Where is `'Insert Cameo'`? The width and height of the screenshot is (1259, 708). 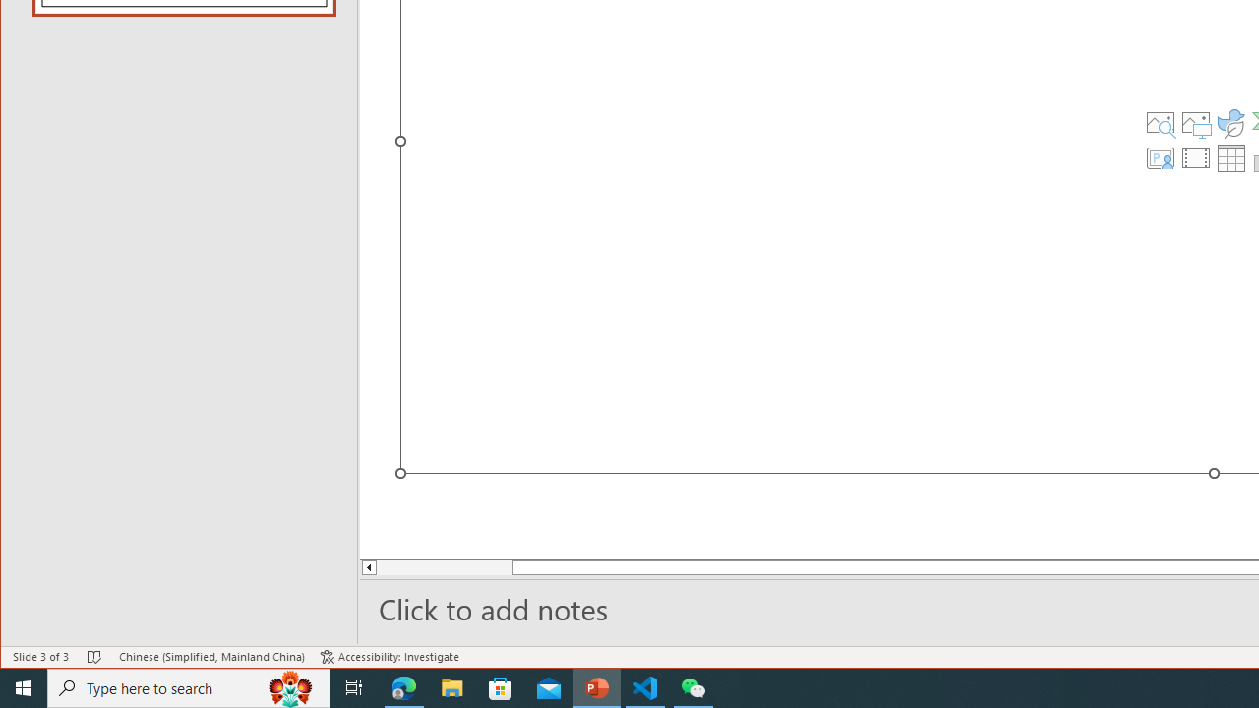
'Insert Cameo' is located at coordinates (1160, 156).